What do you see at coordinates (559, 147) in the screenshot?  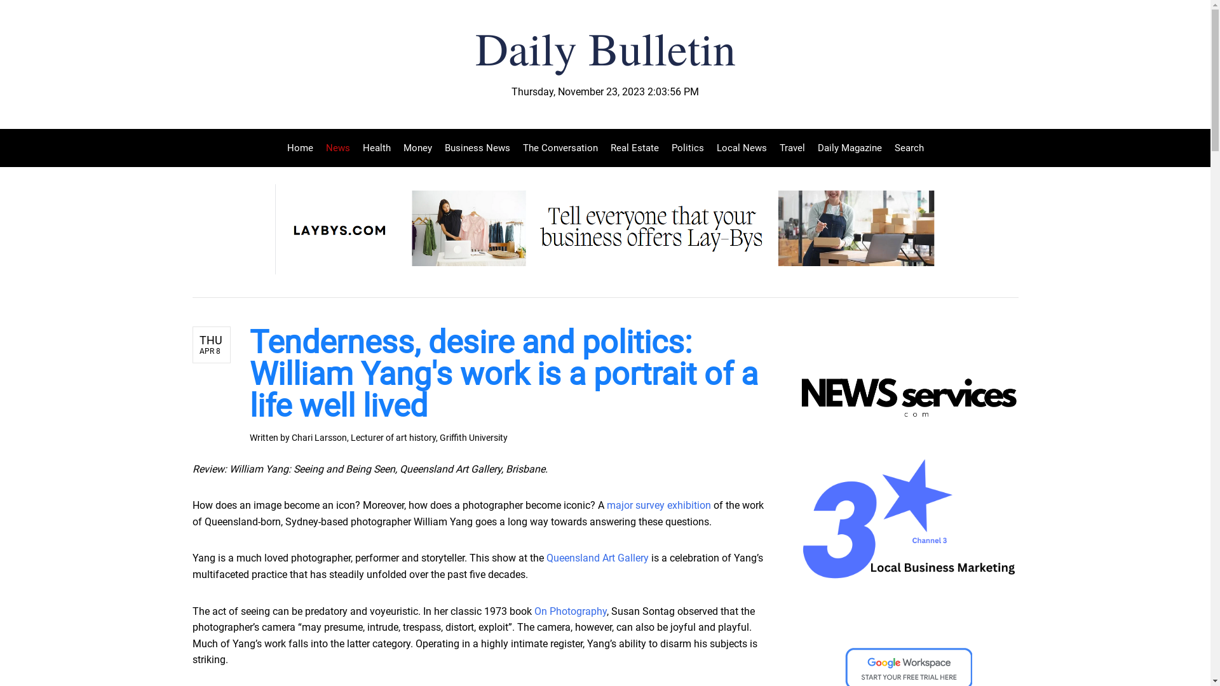 I see `'The Conversation'` at bounding box center [559, 147].